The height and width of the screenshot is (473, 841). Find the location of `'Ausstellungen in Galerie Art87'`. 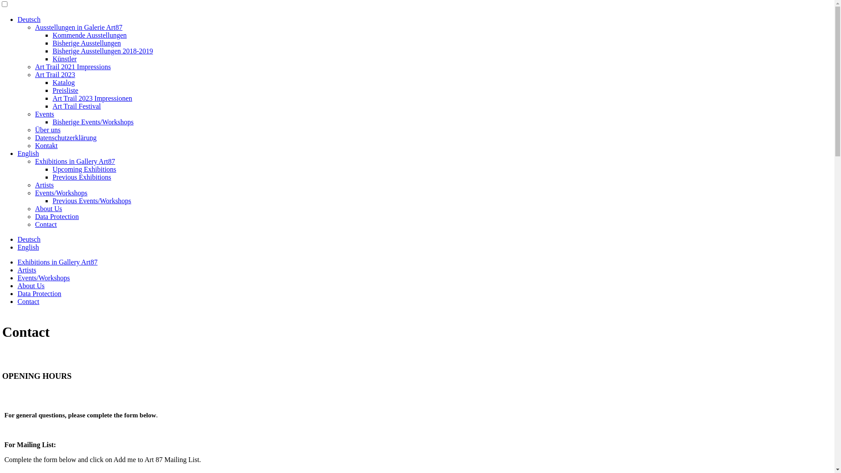

'Ausstellungen in Galerie Art87' is located at coordinates (79, 27).